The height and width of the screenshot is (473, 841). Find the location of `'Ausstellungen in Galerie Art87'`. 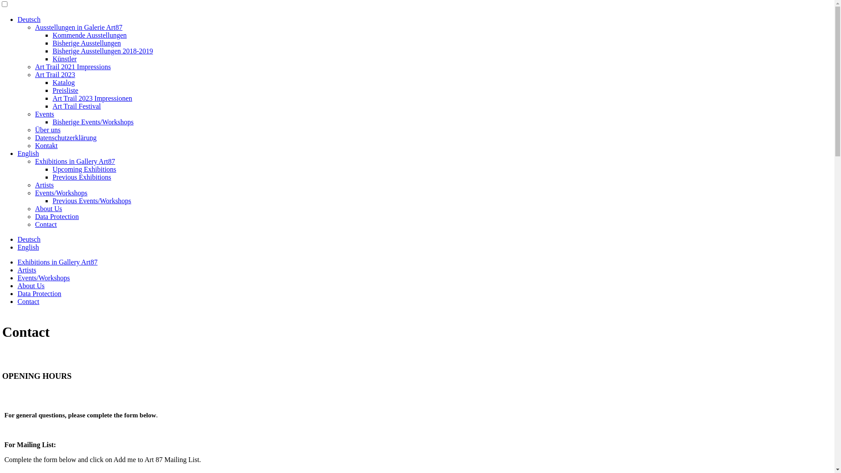

'Ausstellungen in Galerie Art87' is located at coordinates (79, 27).